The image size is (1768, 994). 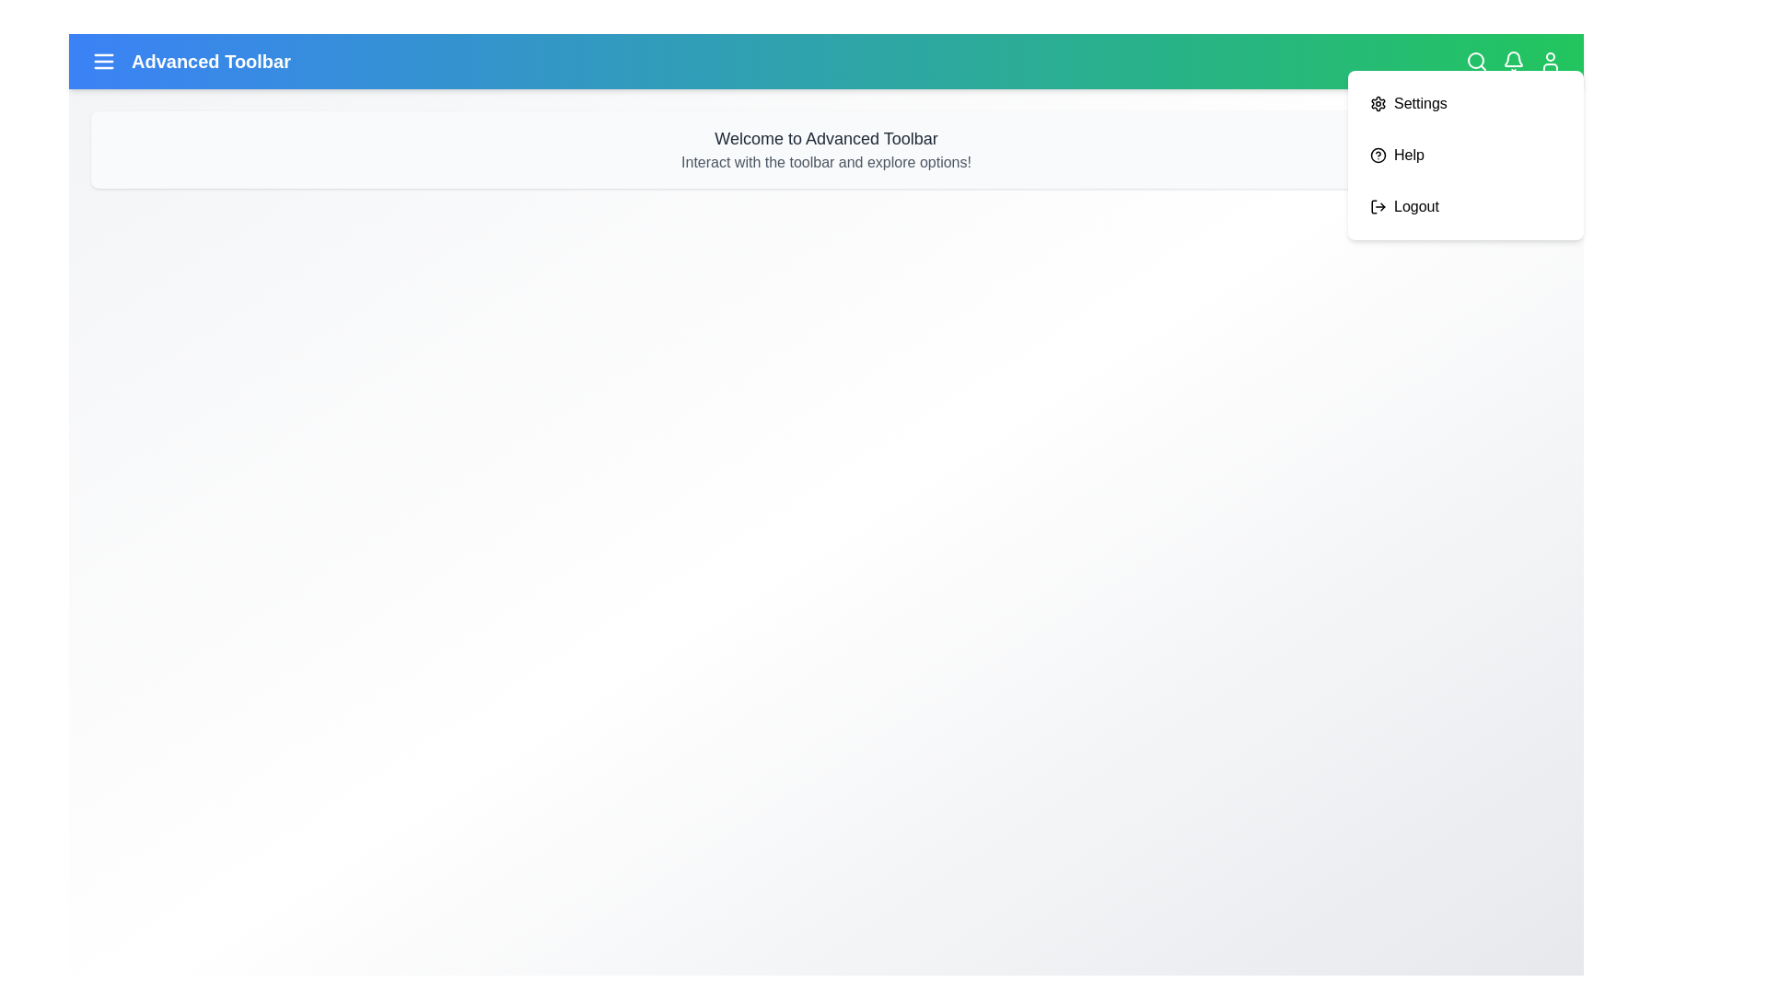 What do you see at coordinates (1465, 155) in the screenshot?
I see `the menu item Help` at bounding box center [1465, 155].